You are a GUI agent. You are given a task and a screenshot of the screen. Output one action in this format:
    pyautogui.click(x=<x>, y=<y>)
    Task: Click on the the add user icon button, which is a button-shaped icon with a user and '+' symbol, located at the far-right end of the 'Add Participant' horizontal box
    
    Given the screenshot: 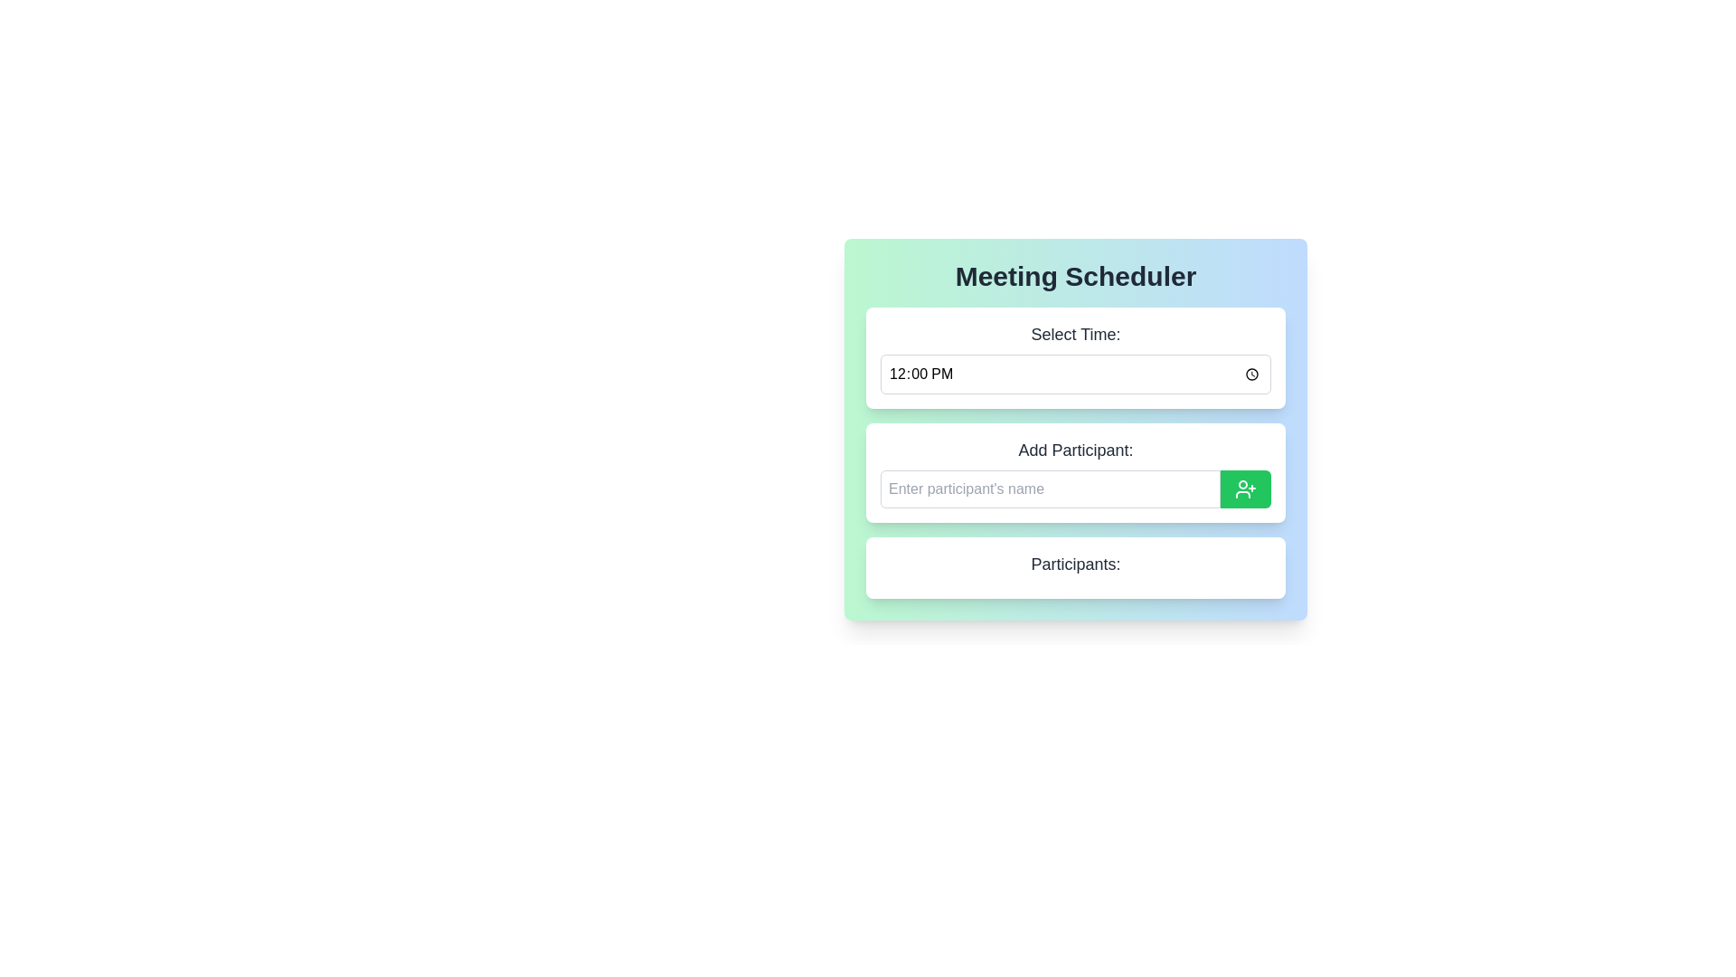 What is the action you would take?
    pyautogui.click(x=1244, y=488)
    